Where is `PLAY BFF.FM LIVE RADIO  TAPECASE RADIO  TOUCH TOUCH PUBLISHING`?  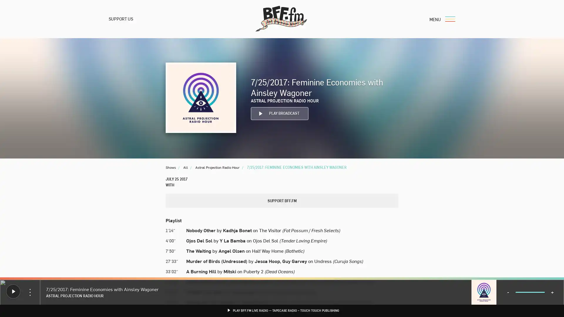 PLAY BFF.FM LIVE RADIO  TAPECASE RADIO  TOUCH TOUCH PUBLISHING is located at coordinates (282, 310).